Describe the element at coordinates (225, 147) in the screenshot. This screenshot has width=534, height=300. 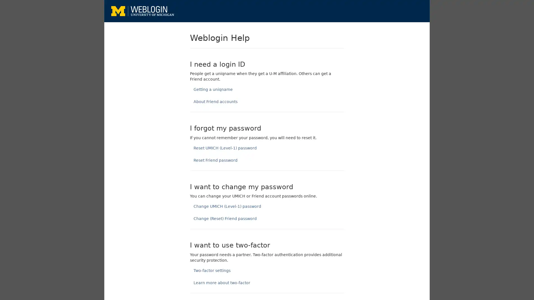
I see `Reset UMICH (Level-1) password` at that location.